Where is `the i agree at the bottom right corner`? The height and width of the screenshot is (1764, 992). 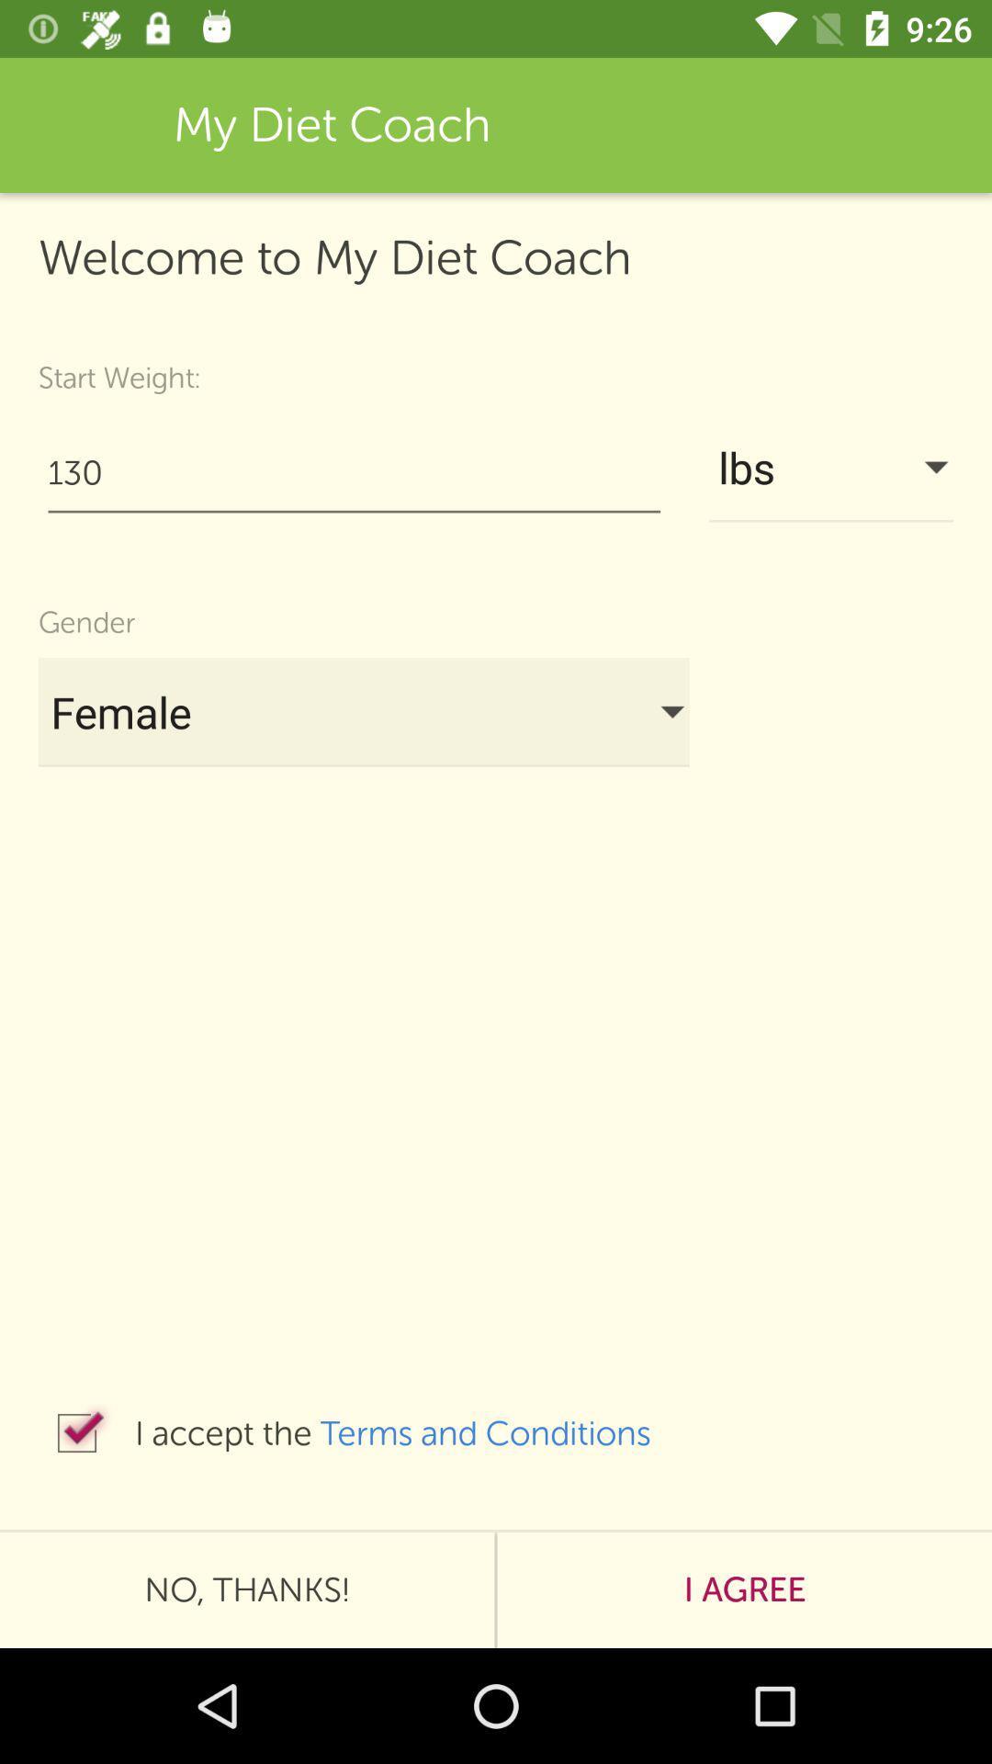
the i agree at the bottom right corner is located at coordinates (744, 1589).